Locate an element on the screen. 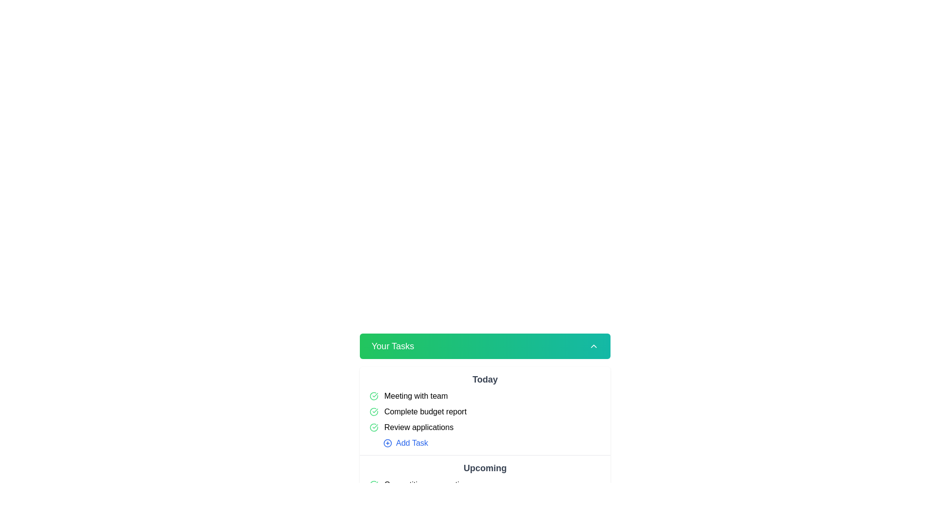 Image resolution: width=940 pixels, height=529 pixels. the interactive toggle icon located to the far right of the green bar labeled 'Your Tasks' is located at coordinates (593, 345).